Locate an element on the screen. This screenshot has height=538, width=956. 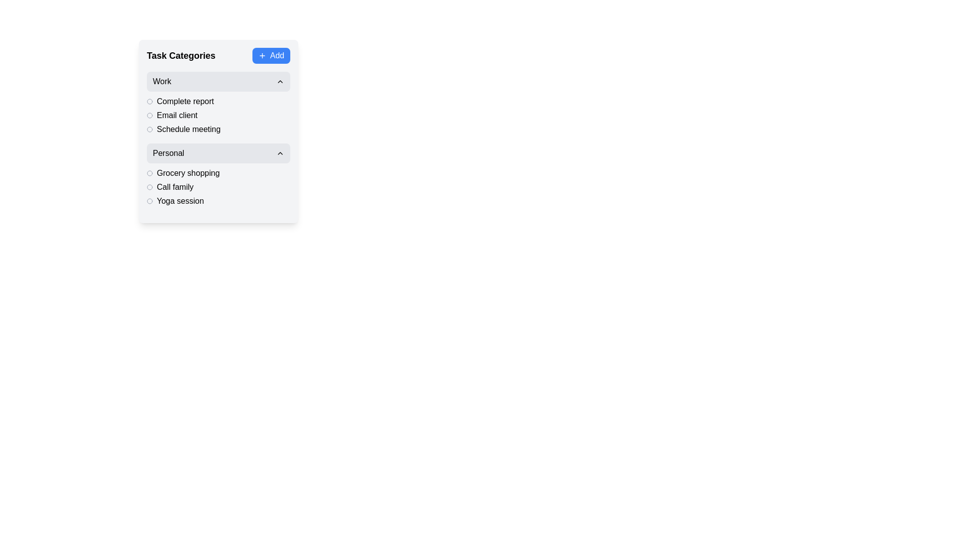
the circular selection marker (radio button style) next to the 'Yoga session' task under the 'Personal' category is located at coordinates (149, 201).